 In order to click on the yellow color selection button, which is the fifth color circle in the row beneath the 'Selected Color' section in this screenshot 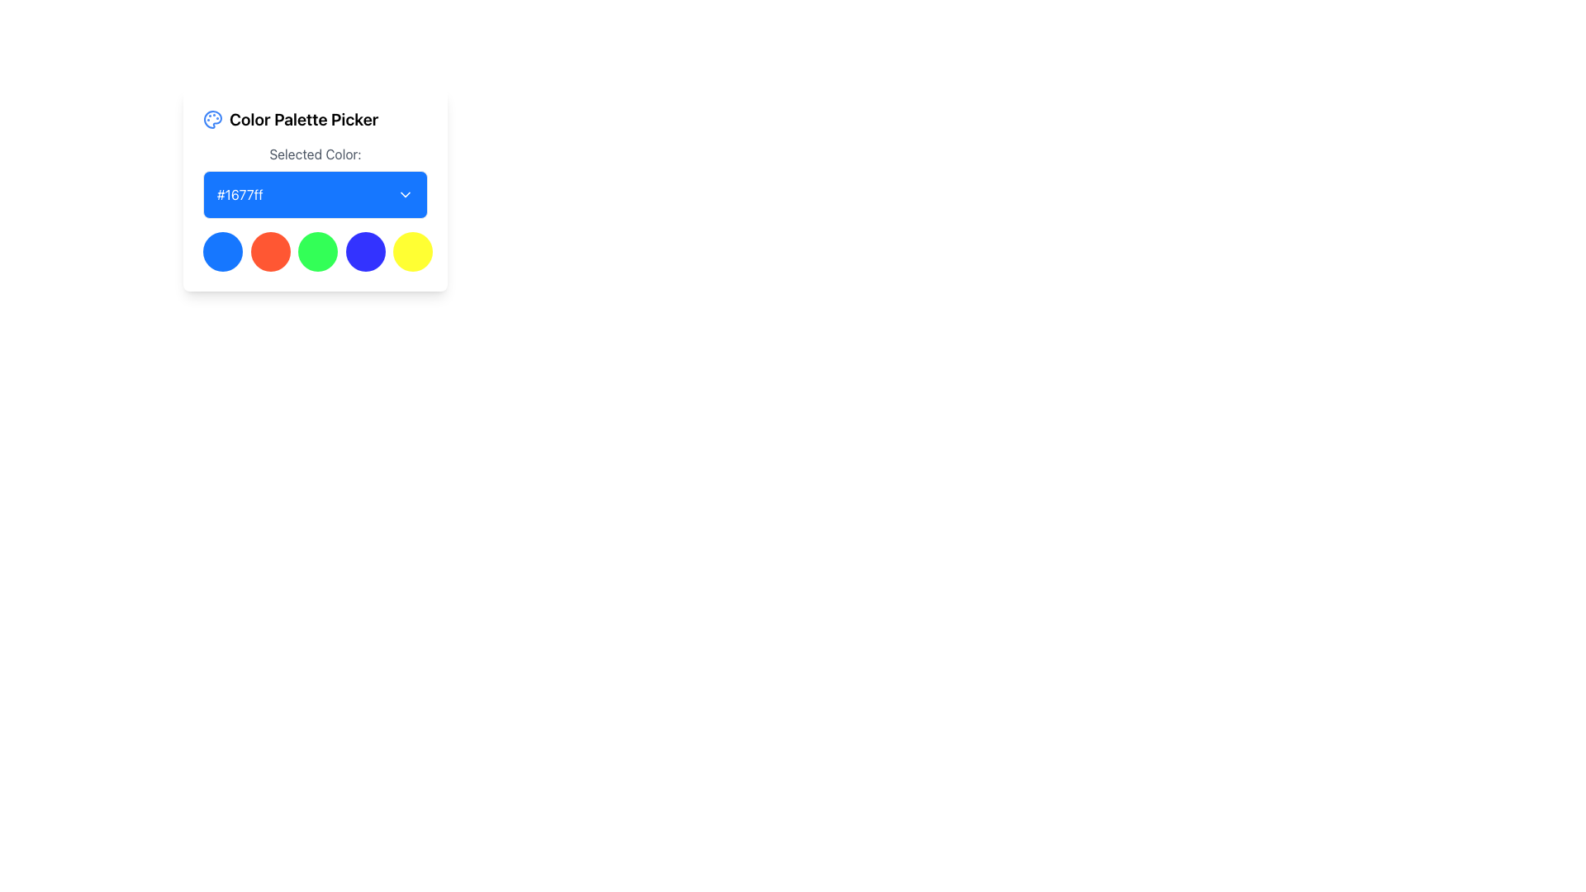, I will do `click(413, 251)`.